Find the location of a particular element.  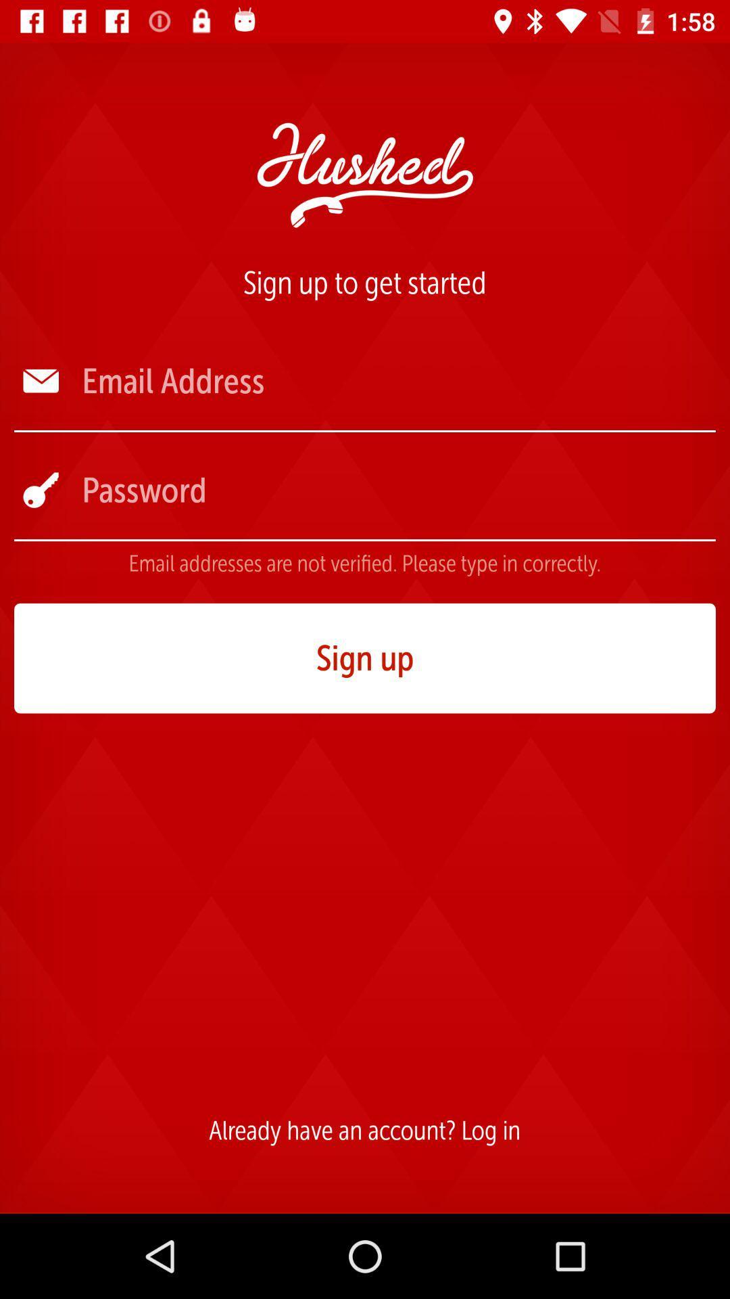

email adress blank bar red is located at coordinates (397, 380).